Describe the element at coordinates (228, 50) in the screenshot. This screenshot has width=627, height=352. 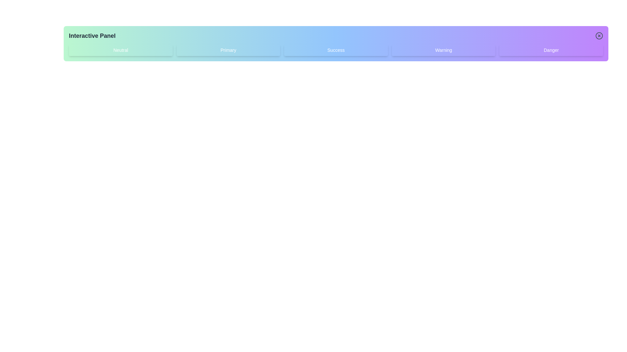
I see `the 'Primary' button, which is the second button in a horizontal group of five buttons labeled 'Neutral', 'Primary', 'Success', 'Warning', and 'Danger'` at that location.